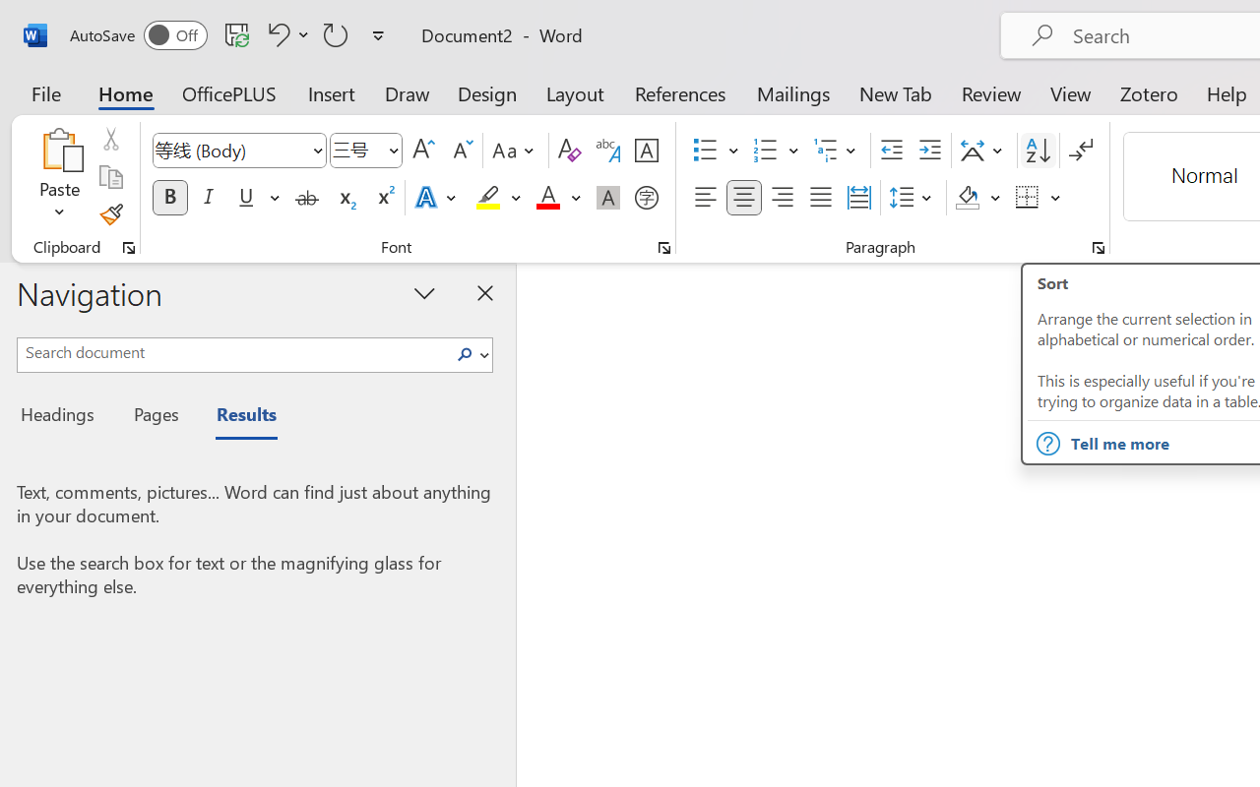  Describe the element at coordinates (169, 198) in the screenshot. I see `'Bold'` at that location.